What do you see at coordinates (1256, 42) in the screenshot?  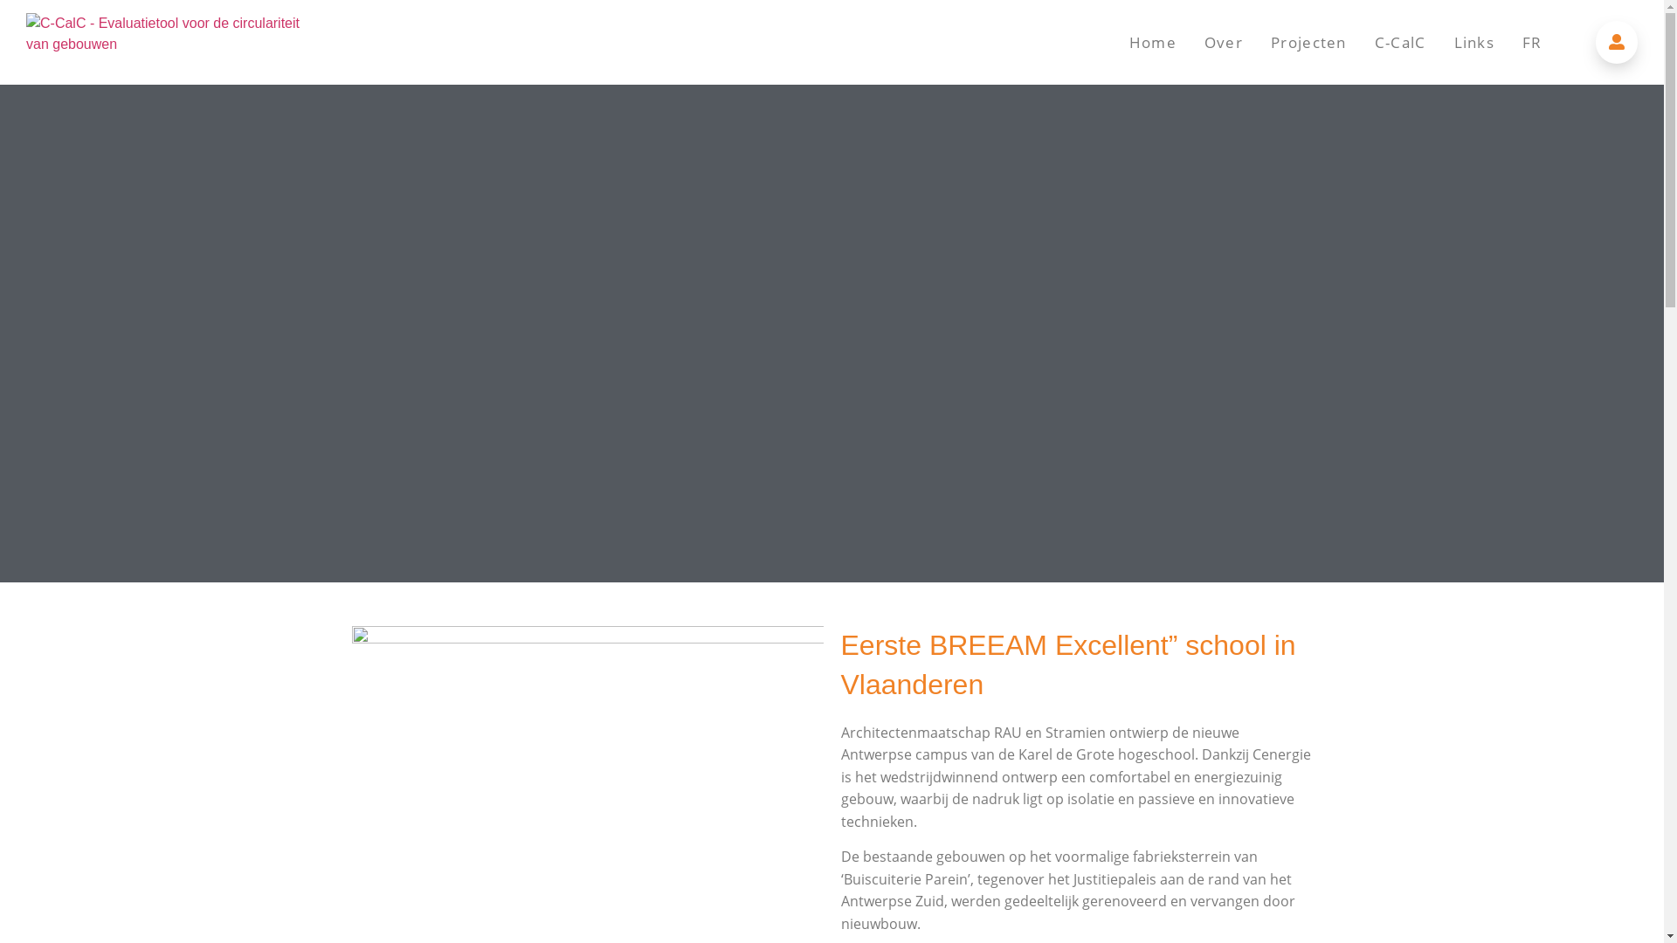 I see `'Projecten'` at bounding box center [1256, 42].